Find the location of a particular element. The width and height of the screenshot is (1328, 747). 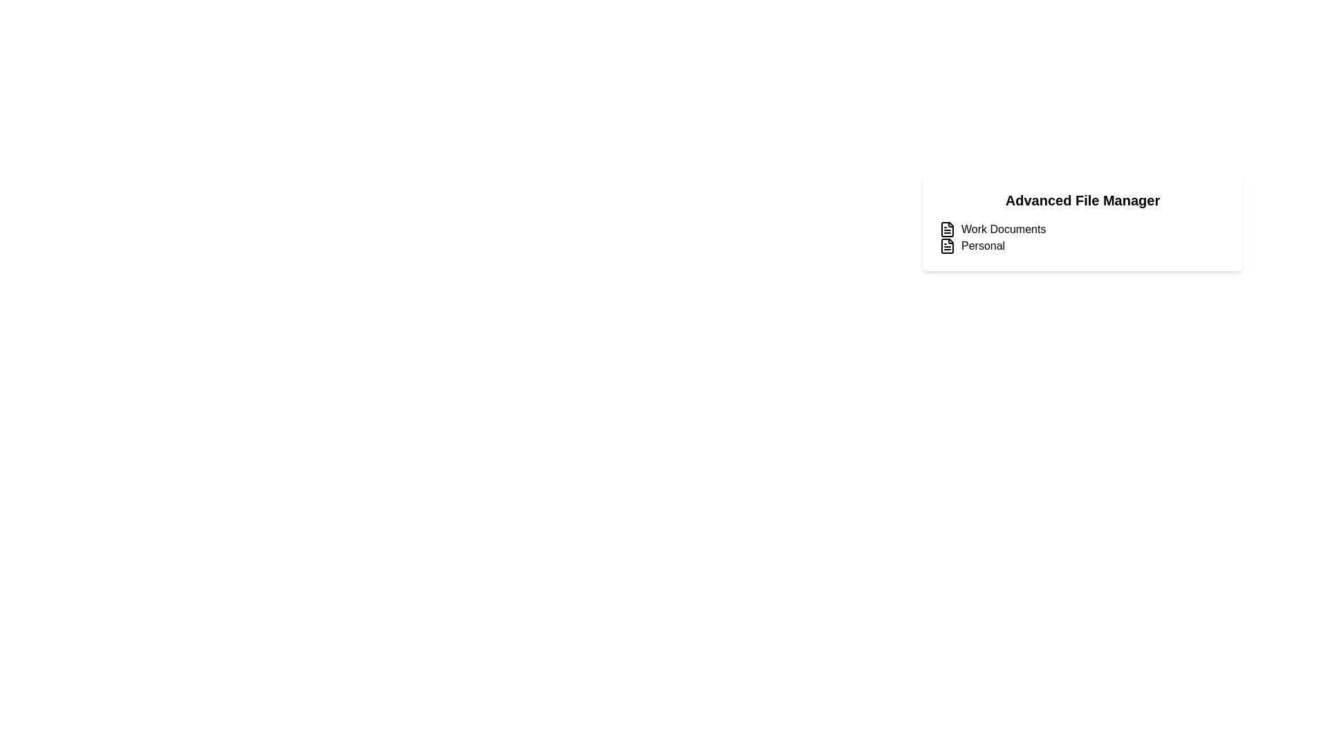

the document icon on the left side of the 'Work Documents' label is located at coordinates (946, 228).